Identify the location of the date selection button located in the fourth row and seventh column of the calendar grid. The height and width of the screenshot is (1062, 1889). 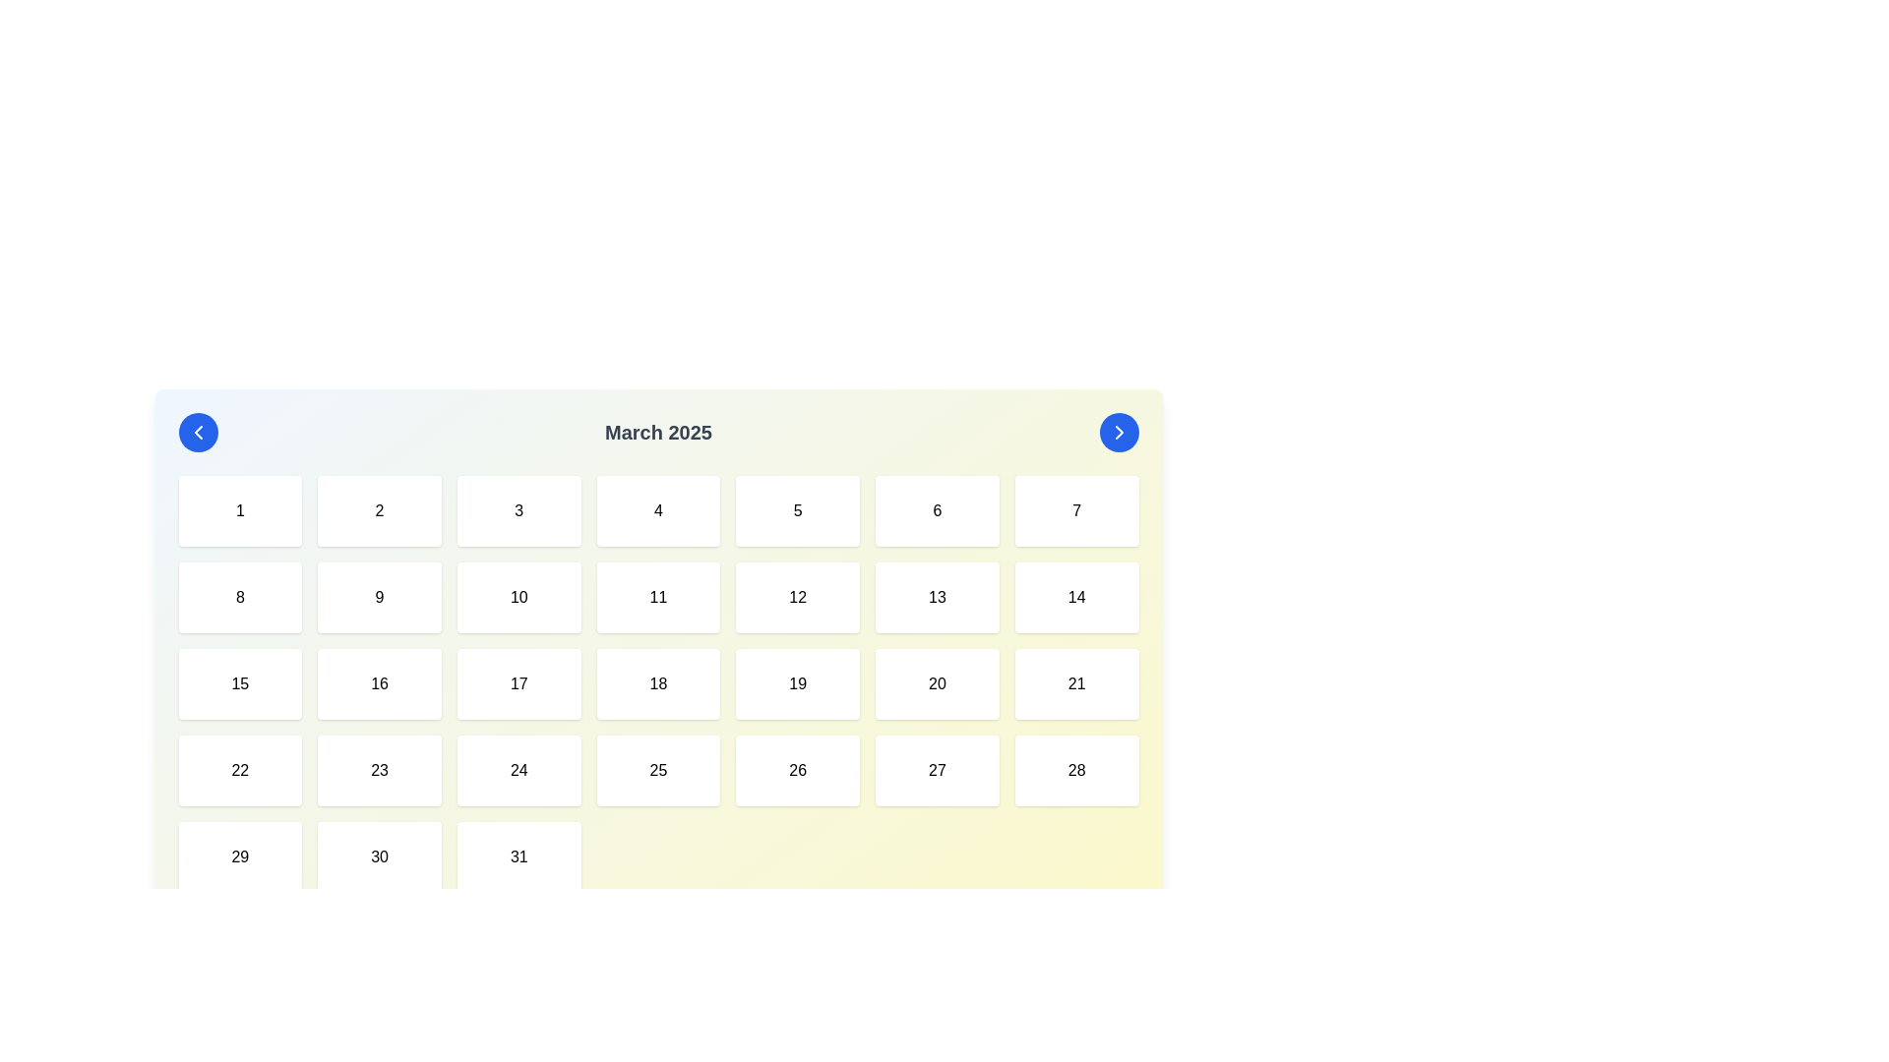
(1075, 682).